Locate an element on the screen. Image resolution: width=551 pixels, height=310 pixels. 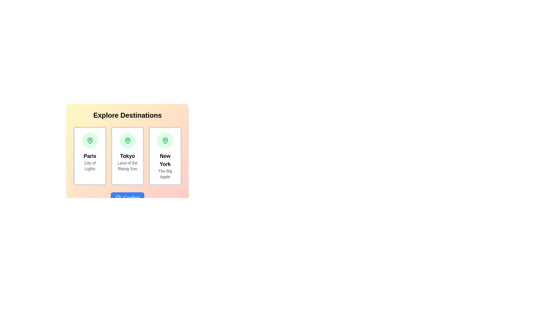
the 'Confirm' button to confirm the selected destination is located at coordinates (127, 198).